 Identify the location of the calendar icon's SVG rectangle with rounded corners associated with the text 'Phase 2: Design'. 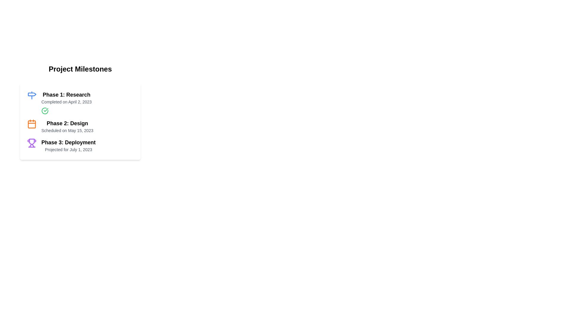
(31, 124).